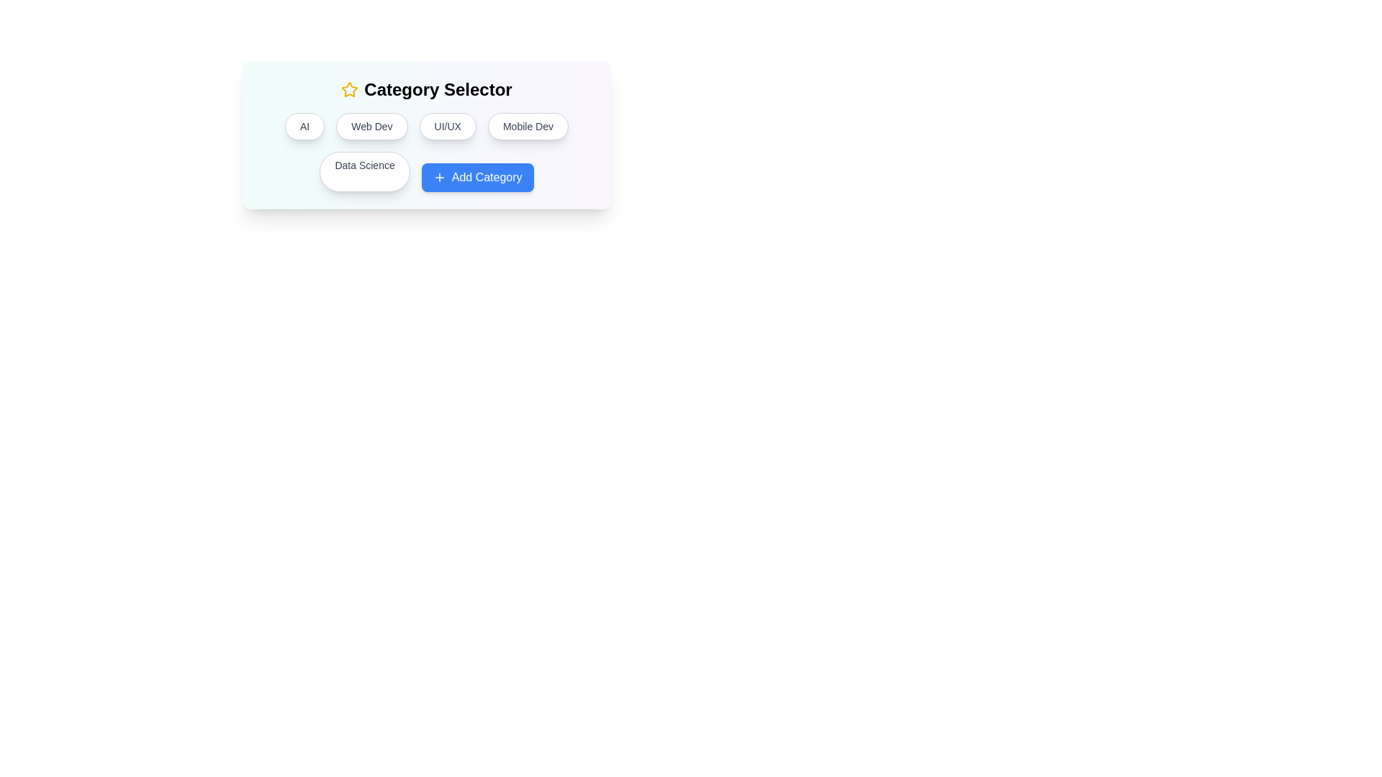 The height and width of the screenshot is (777, 1382). What do you see at coordinates (477, 176) in the screenshot?
I see `the 'Add Category' button` at bounding box center [477, 176].